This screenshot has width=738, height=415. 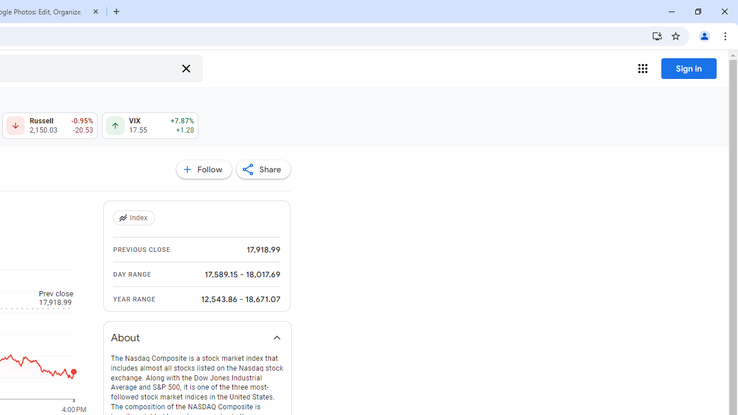 What do you see at coordinates (657, 35) in the screenshot?
I see `'Install Google Finance'` at bounding box center [657, 35].